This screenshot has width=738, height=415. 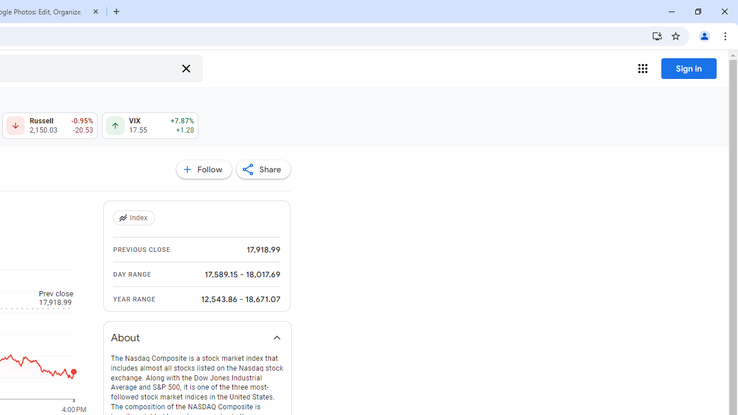 What do you see at coordinates (657, 35) in the screenshot?
I see `'Install Google Finance'` at bounding box center [657, 35].